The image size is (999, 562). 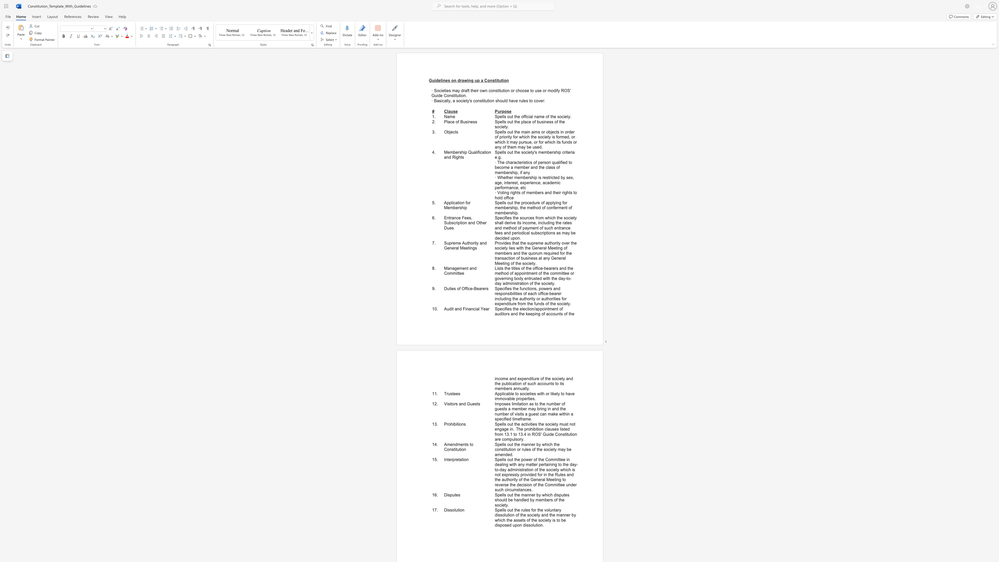 What do you see at coordinates (481, 152) in the screenshot?
I see `the subset text "ati" within the text "Membership Qualification and Rights"` at bounding box center [481, 152].